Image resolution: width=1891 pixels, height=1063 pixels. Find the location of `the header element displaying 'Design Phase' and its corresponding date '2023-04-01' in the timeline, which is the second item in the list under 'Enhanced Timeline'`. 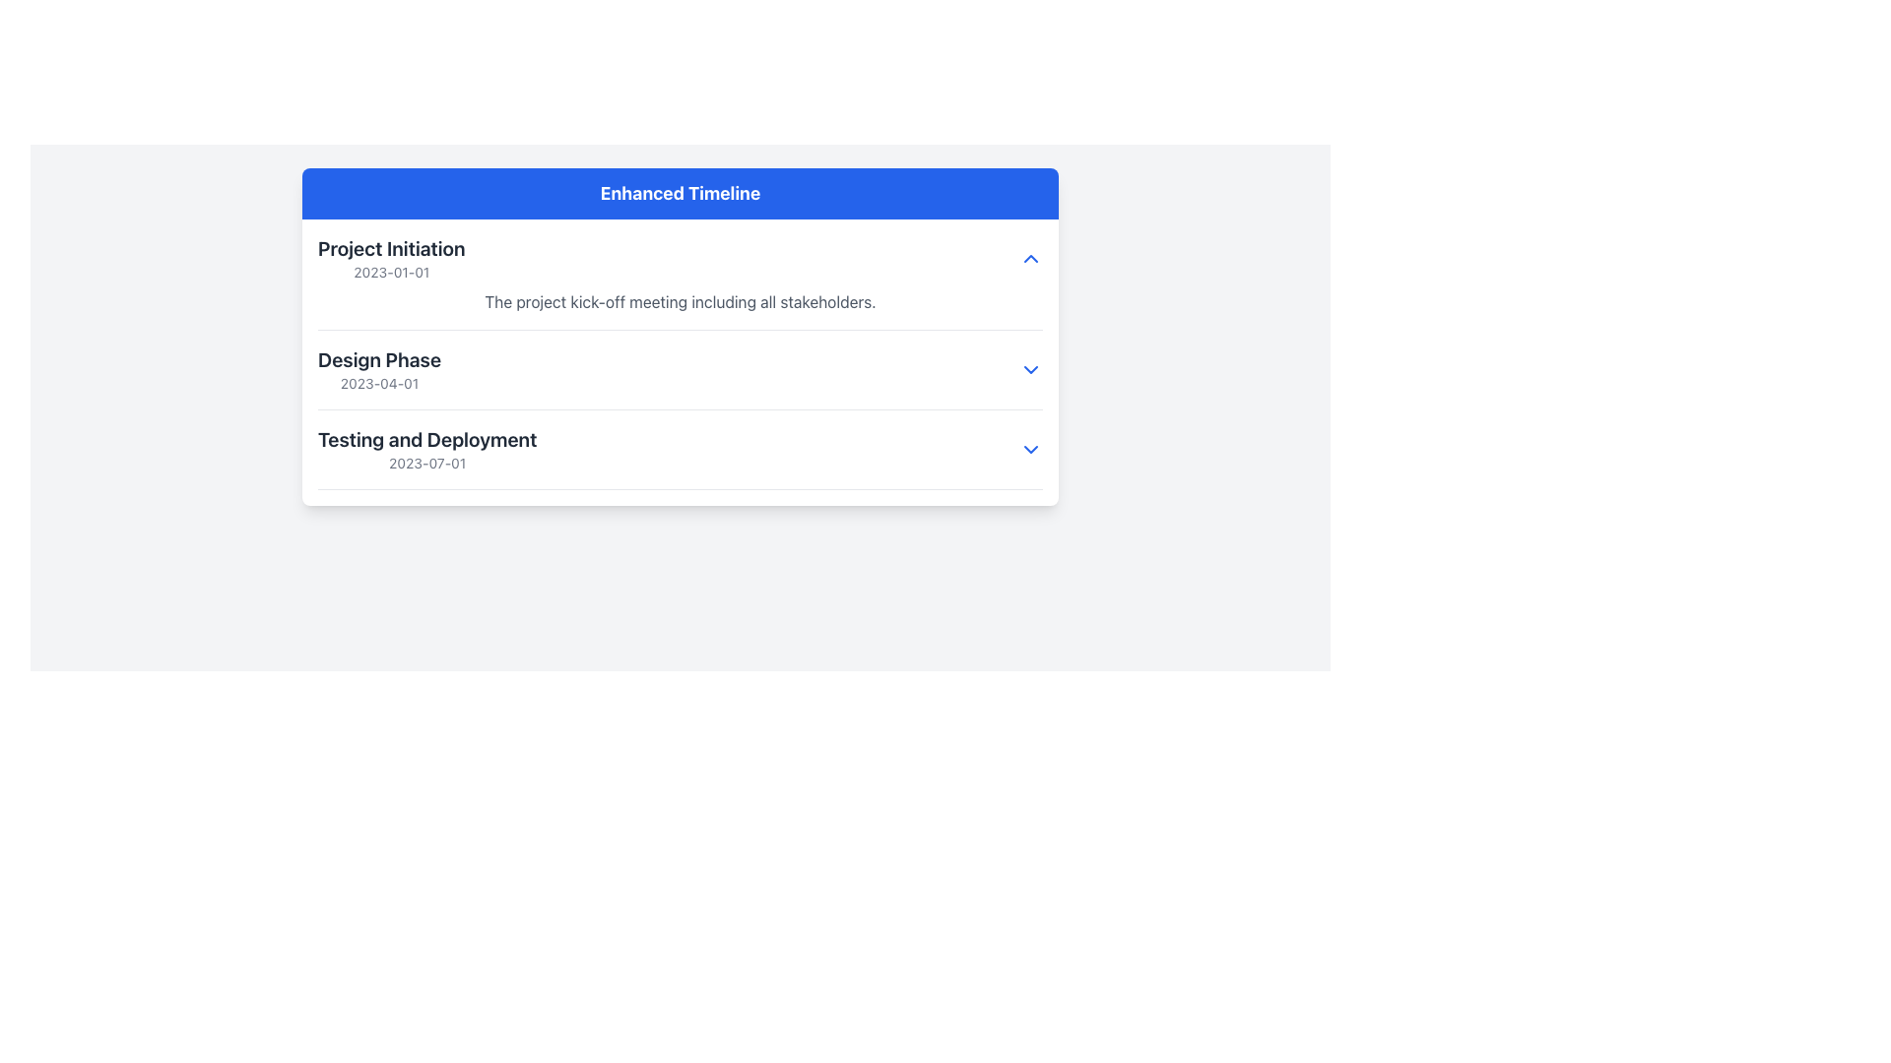

the header element displaying 'Design Phase' and its corresponding date '2023-04-01' in the timeline, which is the second item in the list under 'Enhanced Timeline' is located at coordinates (379, 369).